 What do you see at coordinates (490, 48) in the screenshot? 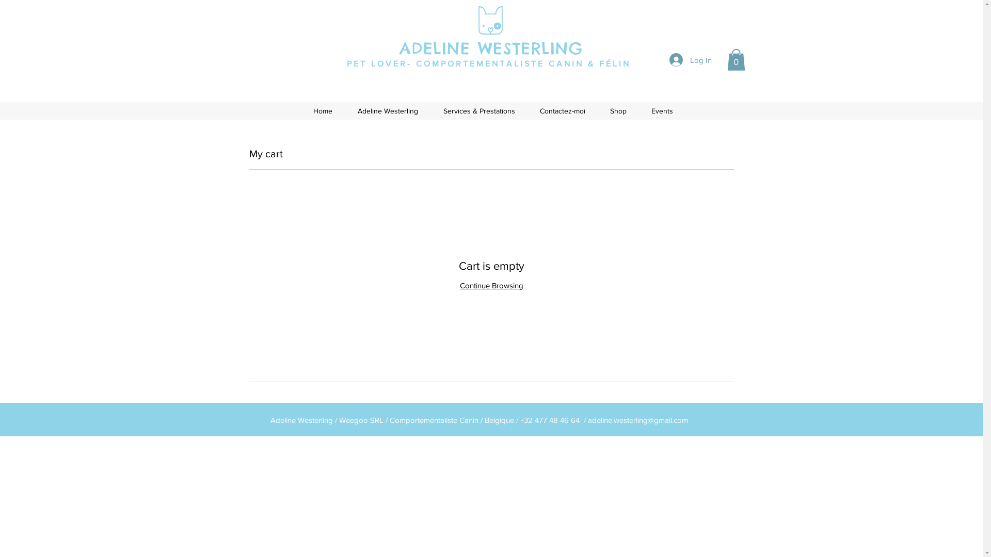
I see `'ADELINE WESTERLING'` at bounding box center [490, 48].